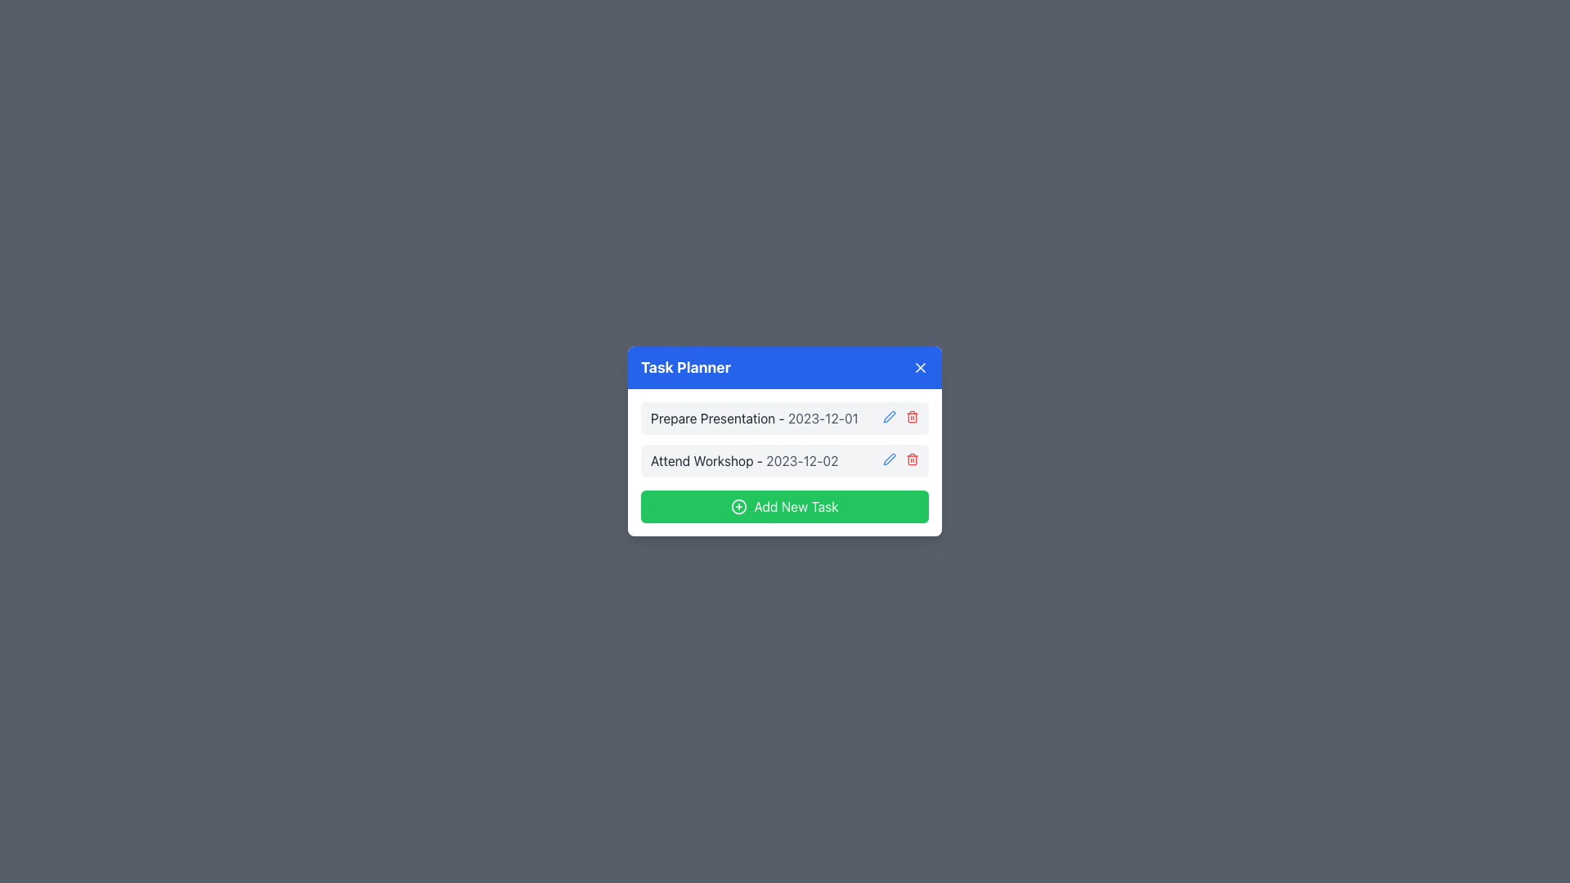  What do you see at coordinates (796, 506) in the screenshot?
I see `text label that indicates the button for adding a new task to the planner, which is centered within the green button at the bottom of the 'Task Planner' dialog` at bounding box center [796, 506].